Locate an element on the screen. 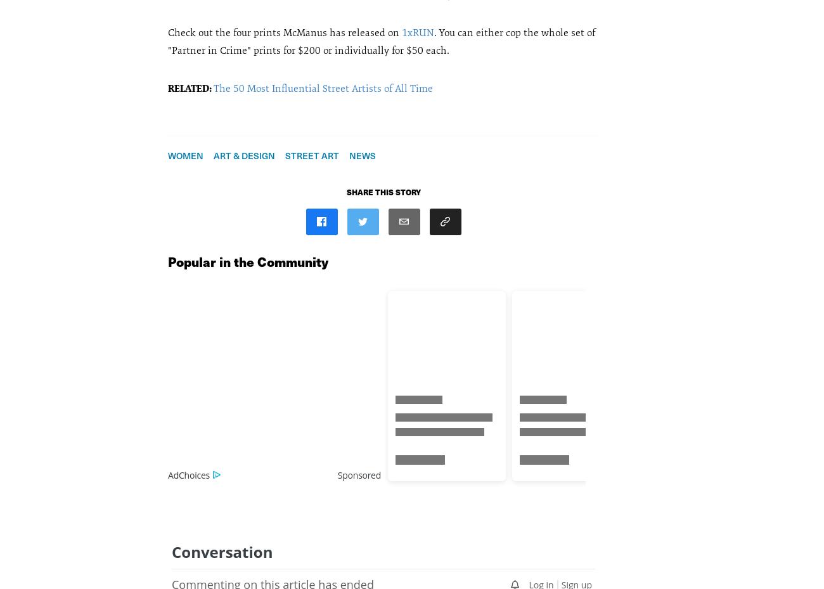 Image resolution: width=824 pixels, height=589 pixels. 'Art & Design' is located at coordinates (244, 154).